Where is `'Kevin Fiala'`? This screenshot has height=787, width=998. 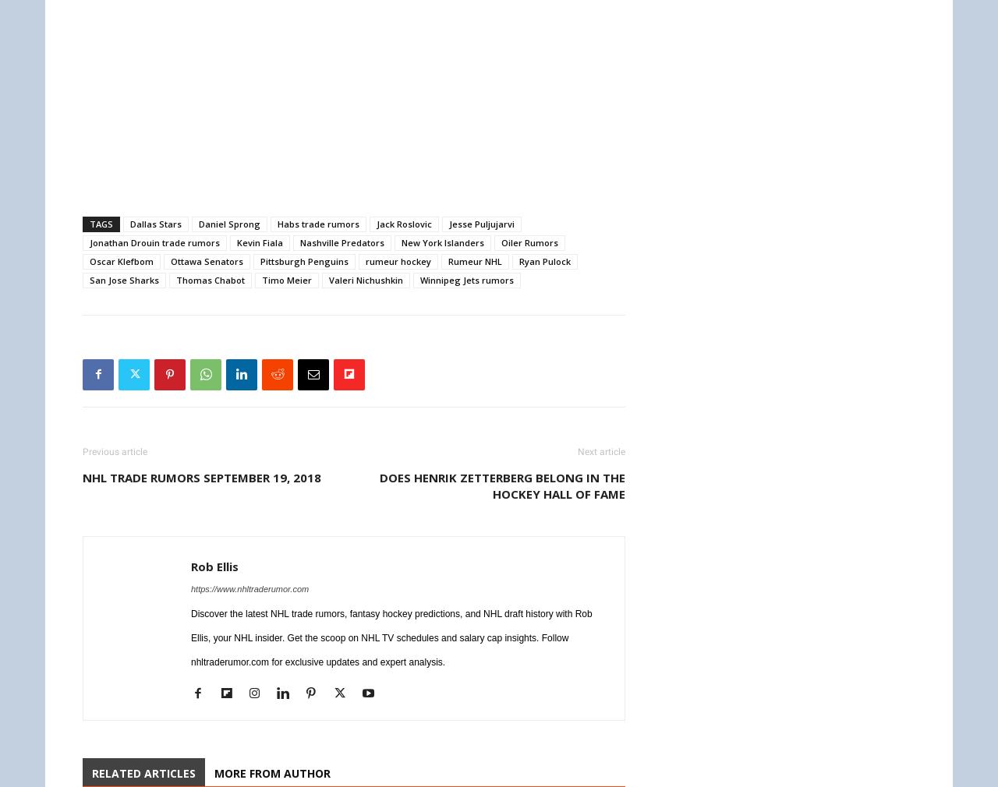 'Kevin Fiala' is located at coordinates (260, 242).